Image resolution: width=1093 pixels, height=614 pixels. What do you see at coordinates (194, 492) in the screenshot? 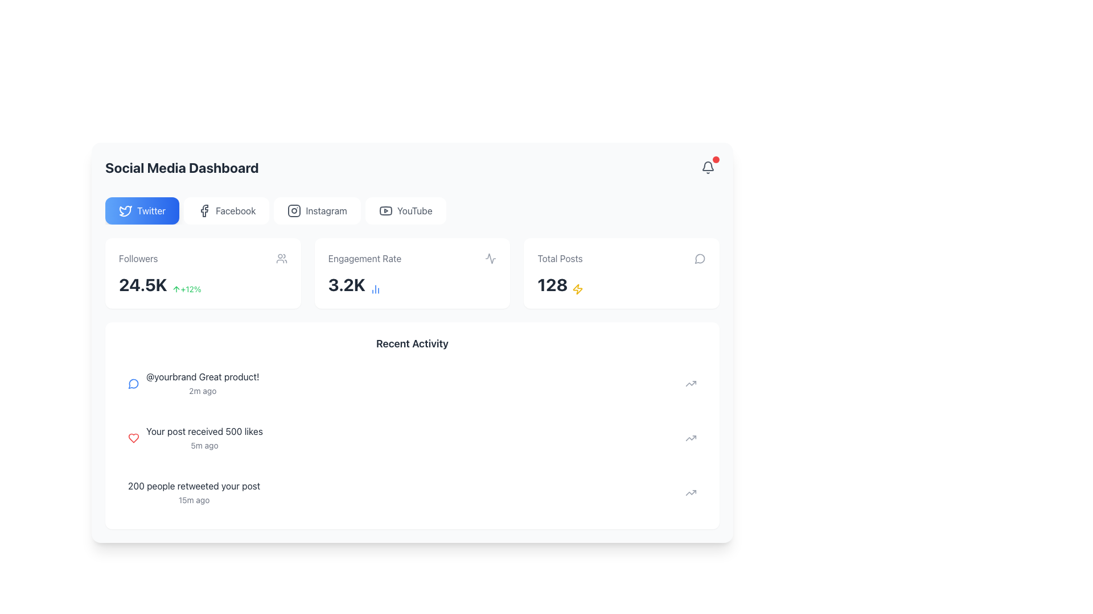
I see `the Text element displaying the timestamp for the recent activity indicating 200 retweets, located in the 'Recent Activity' section as the third item from the top` at bounding box center [194, 492].